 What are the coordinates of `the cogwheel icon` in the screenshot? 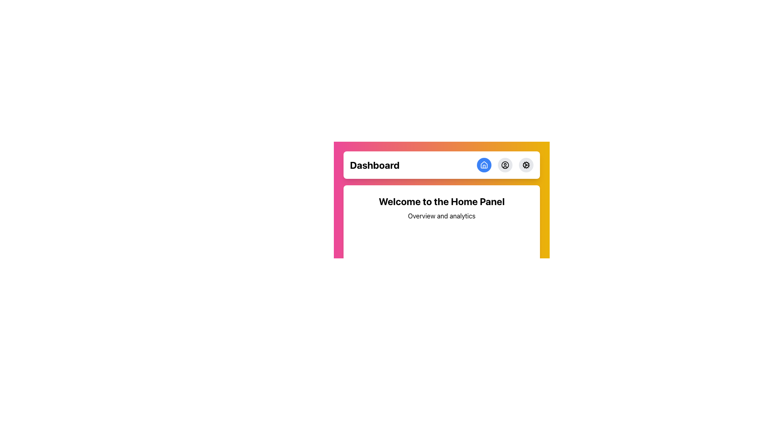 It's located at (526, 164).